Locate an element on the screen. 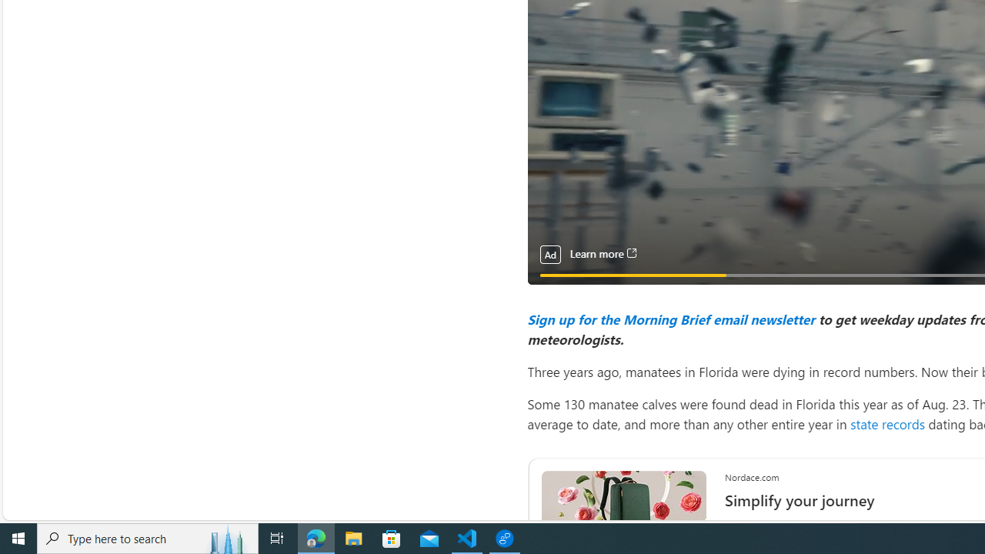  'state records' is located at coordinates (887, 423).